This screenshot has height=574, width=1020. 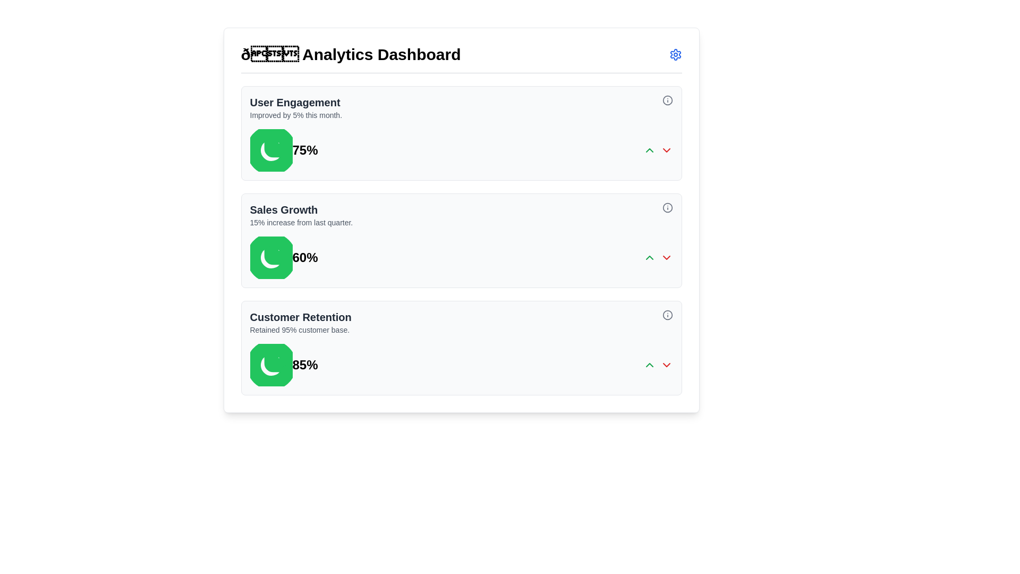 What do you see at coordinates (301, 222) in the screenshot?
I see `the static text label providing insights into the sales growth figure located below the 'Sales Growth' title in the second card` at bounding box center [301, 222].